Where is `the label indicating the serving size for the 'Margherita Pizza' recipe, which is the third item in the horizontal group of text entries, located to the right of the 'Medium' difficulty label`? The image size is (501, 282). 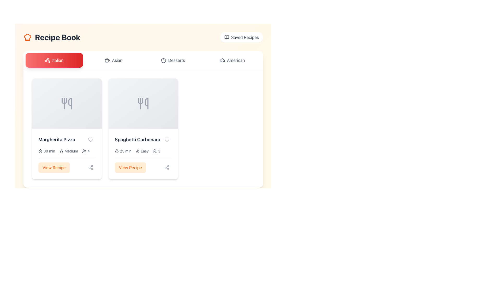 the label indicating the serving size for the 'Margherita Pizza' recipe, which is the third item in the horizontal group of text entries, located to the right of the 'Medium' difficulty label is located at coordinates (86, 151).